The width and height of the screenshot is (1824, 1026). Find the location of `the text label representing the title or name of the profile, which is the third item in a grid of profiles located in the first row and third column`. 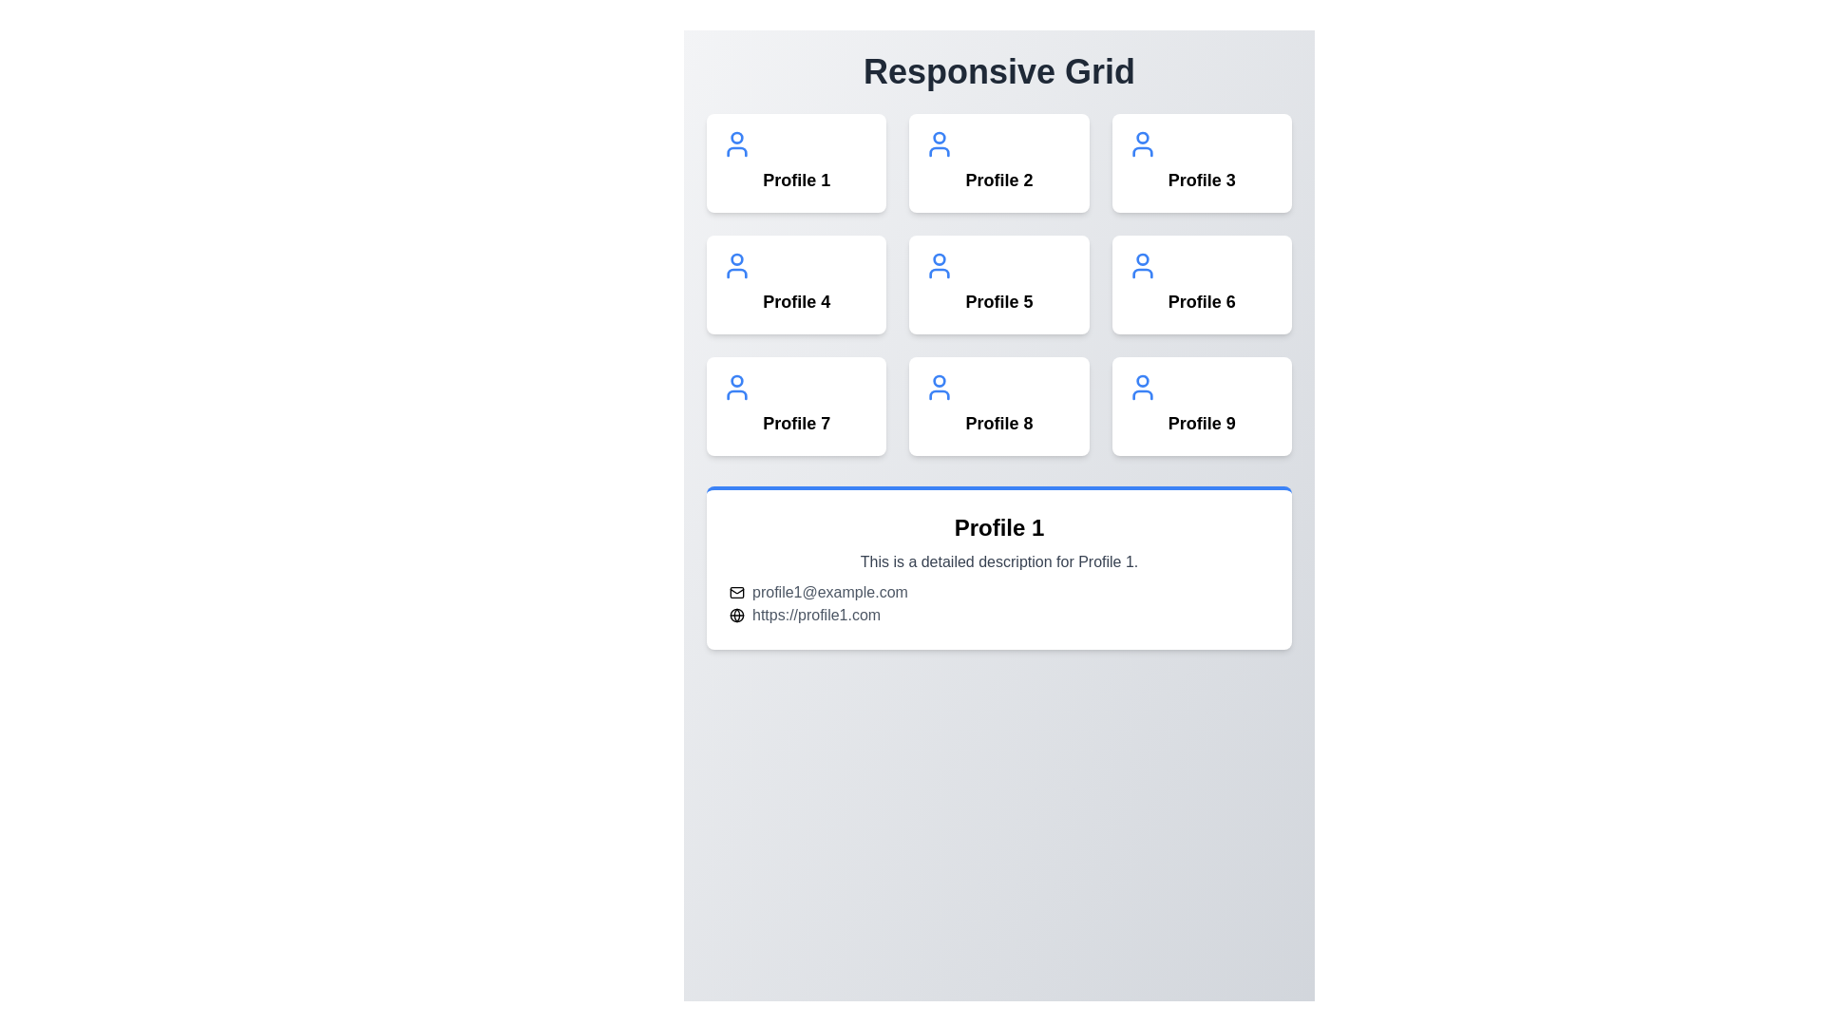

the text label representing the title or name of the profile, which is the third item in a grid of profiles located in the first row and third column is located at coordinates (1201, 180).